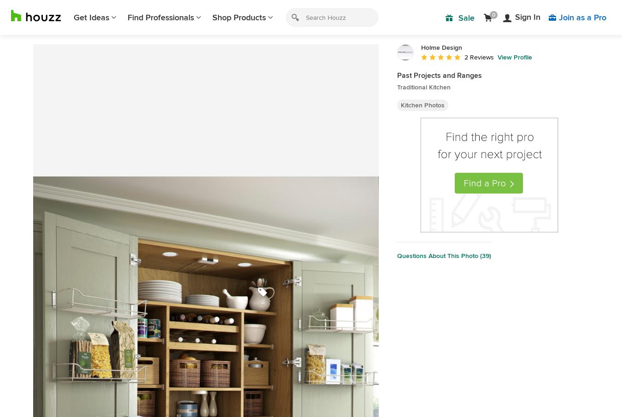 The height and width of the screenshot is (417, 622). What do you see at coordinates (493, 14) in the screenshot?
I see `'0'` at bounding box center [493, 14].